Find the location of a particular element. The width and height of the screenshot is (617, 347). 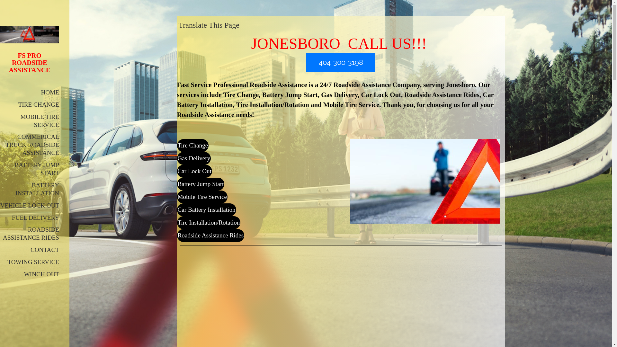

'Mobile Tire Service' is located at coordinates (177, 197).